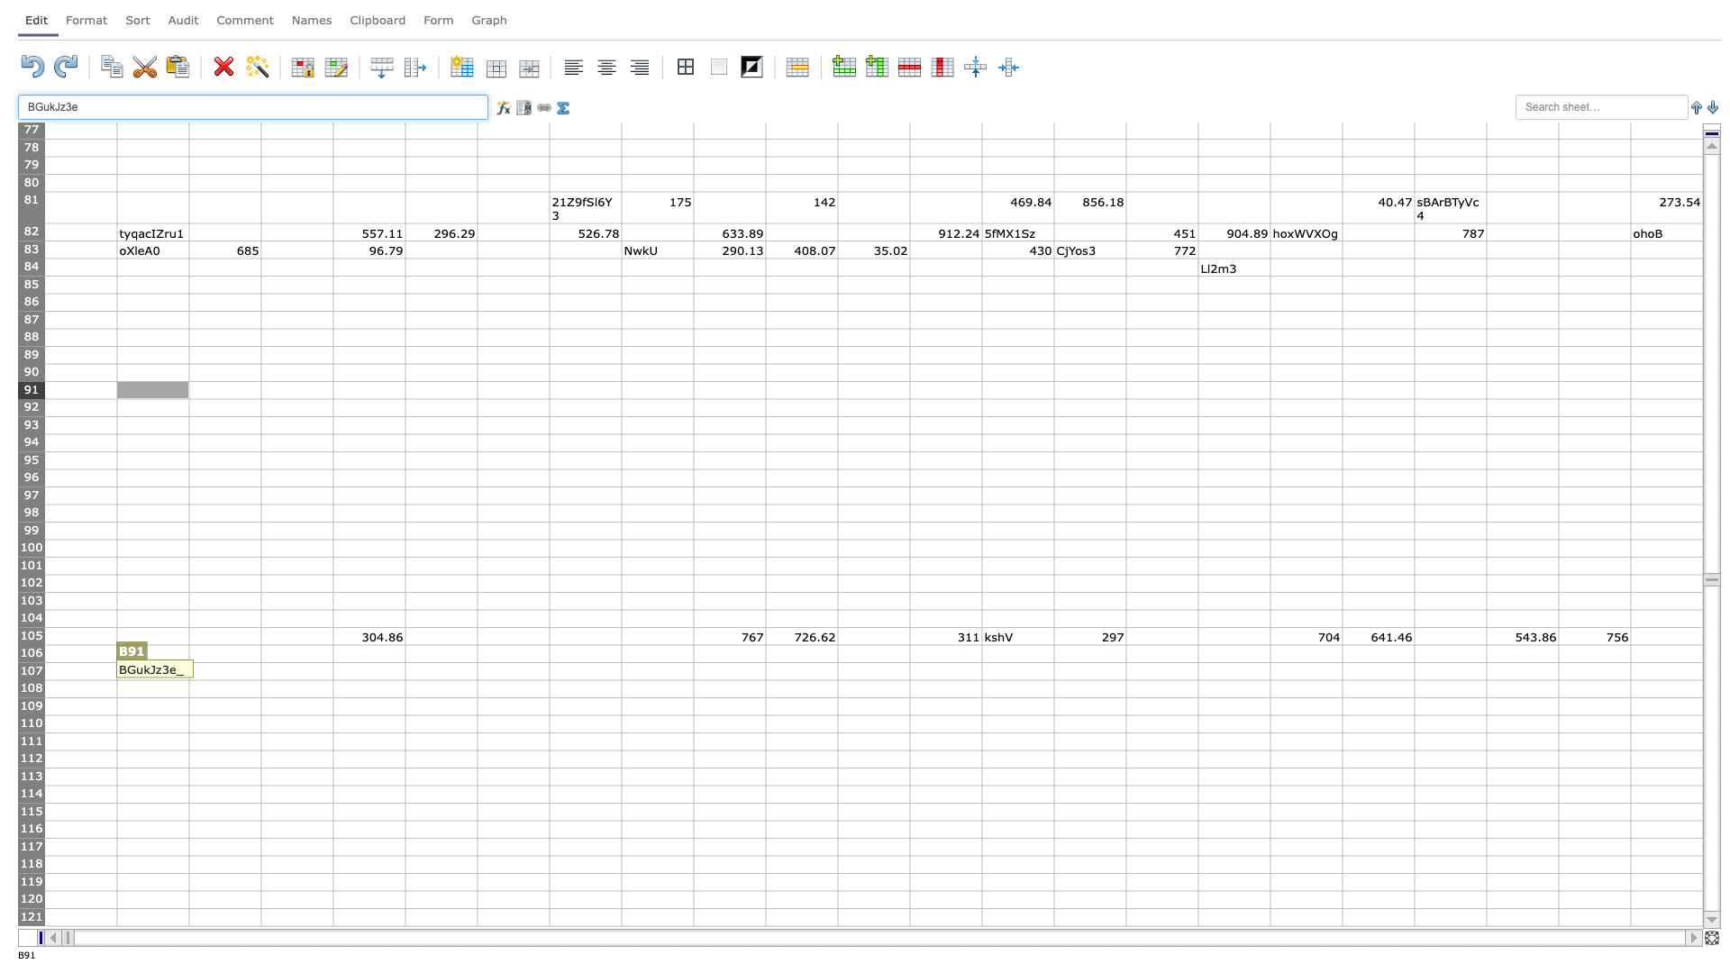 This screenshot has width=1730, height=973. Describe the element at coordinates (259, 671) in the screenshot. I see `right edge of C107` at that location.